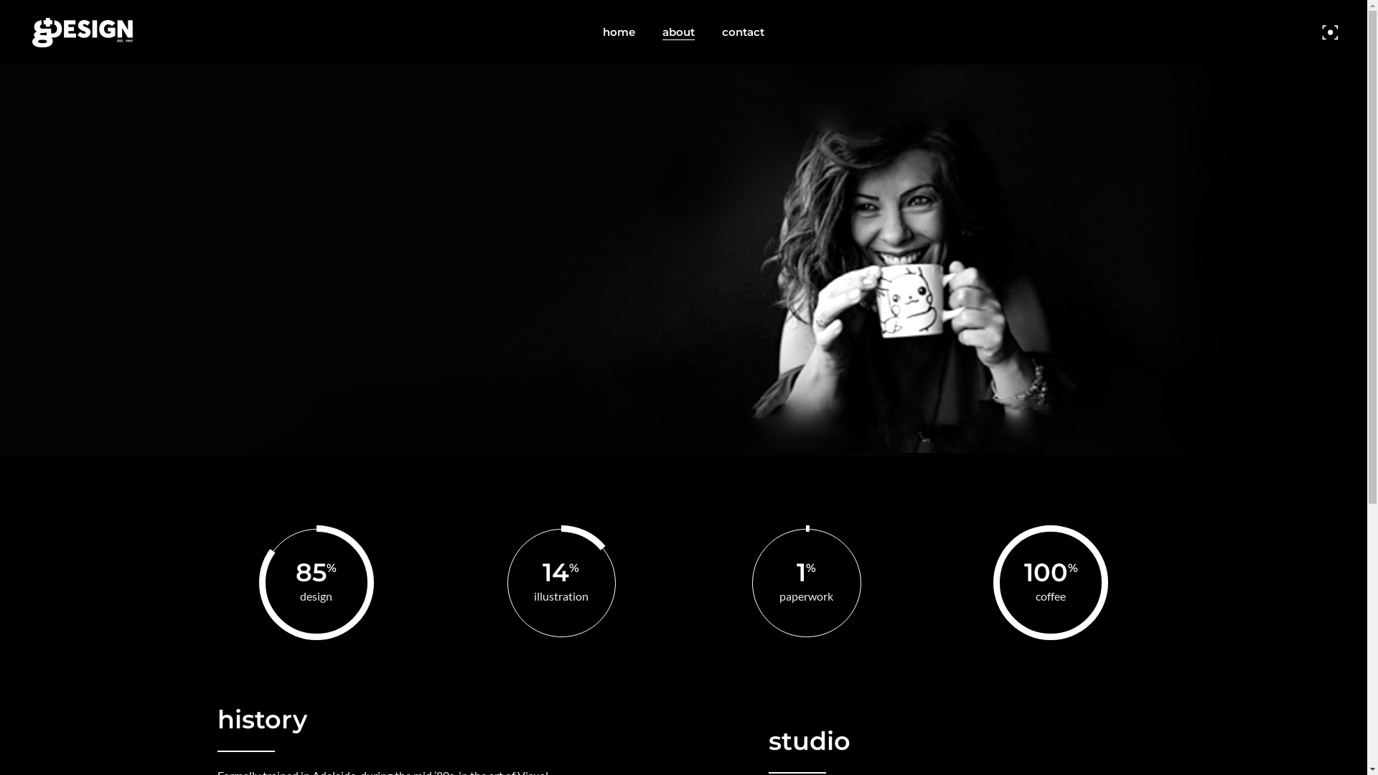  What do you see at coordinates (743, 32) in the screenshot?
I see `'contact'` at bounding box center [743, 32].